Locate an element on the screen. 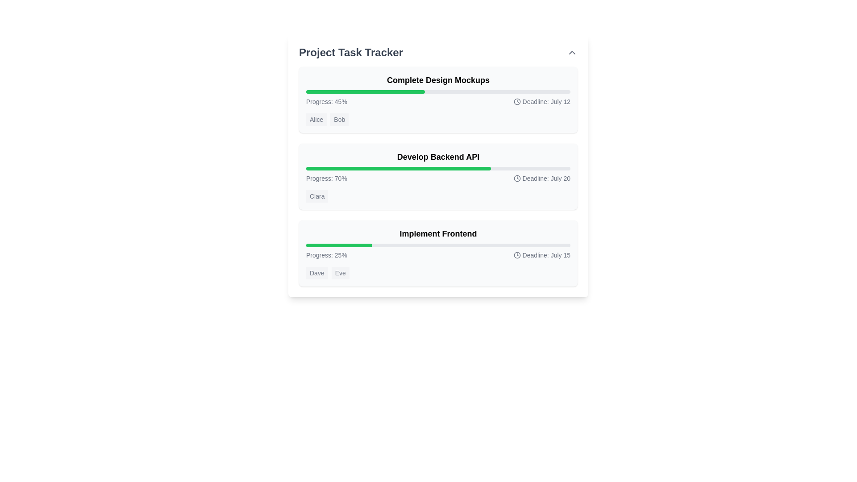 The width and height of the screenshot is (857, 482). the text label displaying 'Project Task Tracker', which is a large, bold header in dark gray color positioned at the top-left of the interface is located at coordinates (350, 53).